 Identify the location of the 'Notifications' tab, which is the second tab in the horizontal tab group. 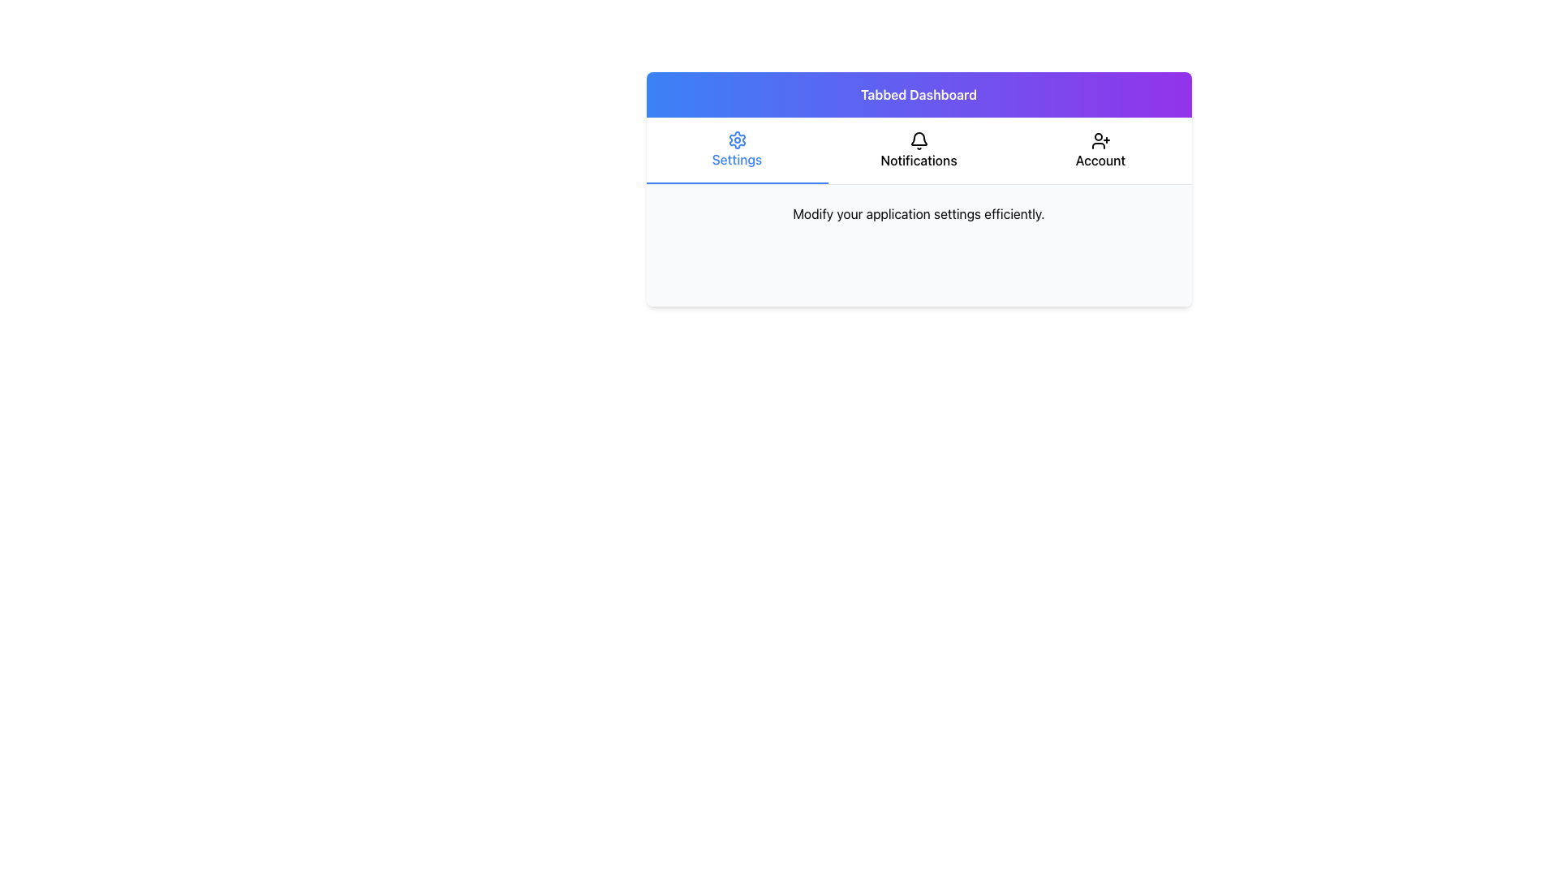
(919, 150).